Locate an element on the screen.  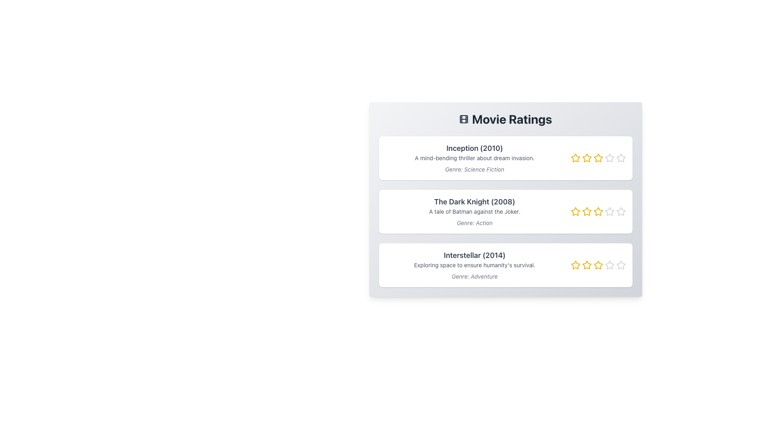
the second star icon in the rating section for the movie 'Interstellar (2014)', which is used to modify the user's rating is located at coordinates (575, 265).